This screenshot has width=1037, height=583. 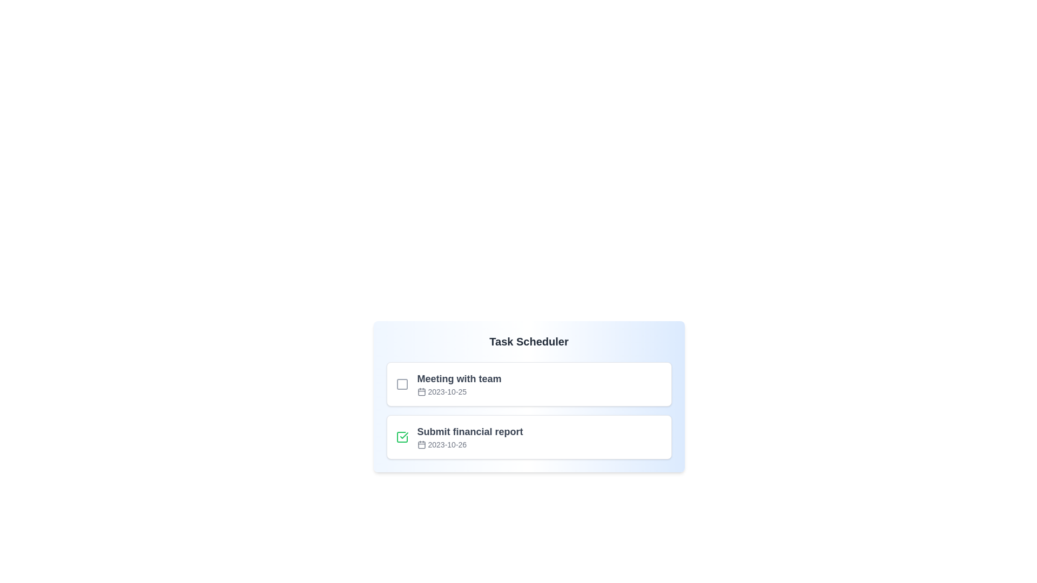 I want to click on the calendar icon located to the left of the date '2023-10-25', which serves as a visual indicator for the date's purpose in the context of 'Meeting with team', so click(x=421, y=391).